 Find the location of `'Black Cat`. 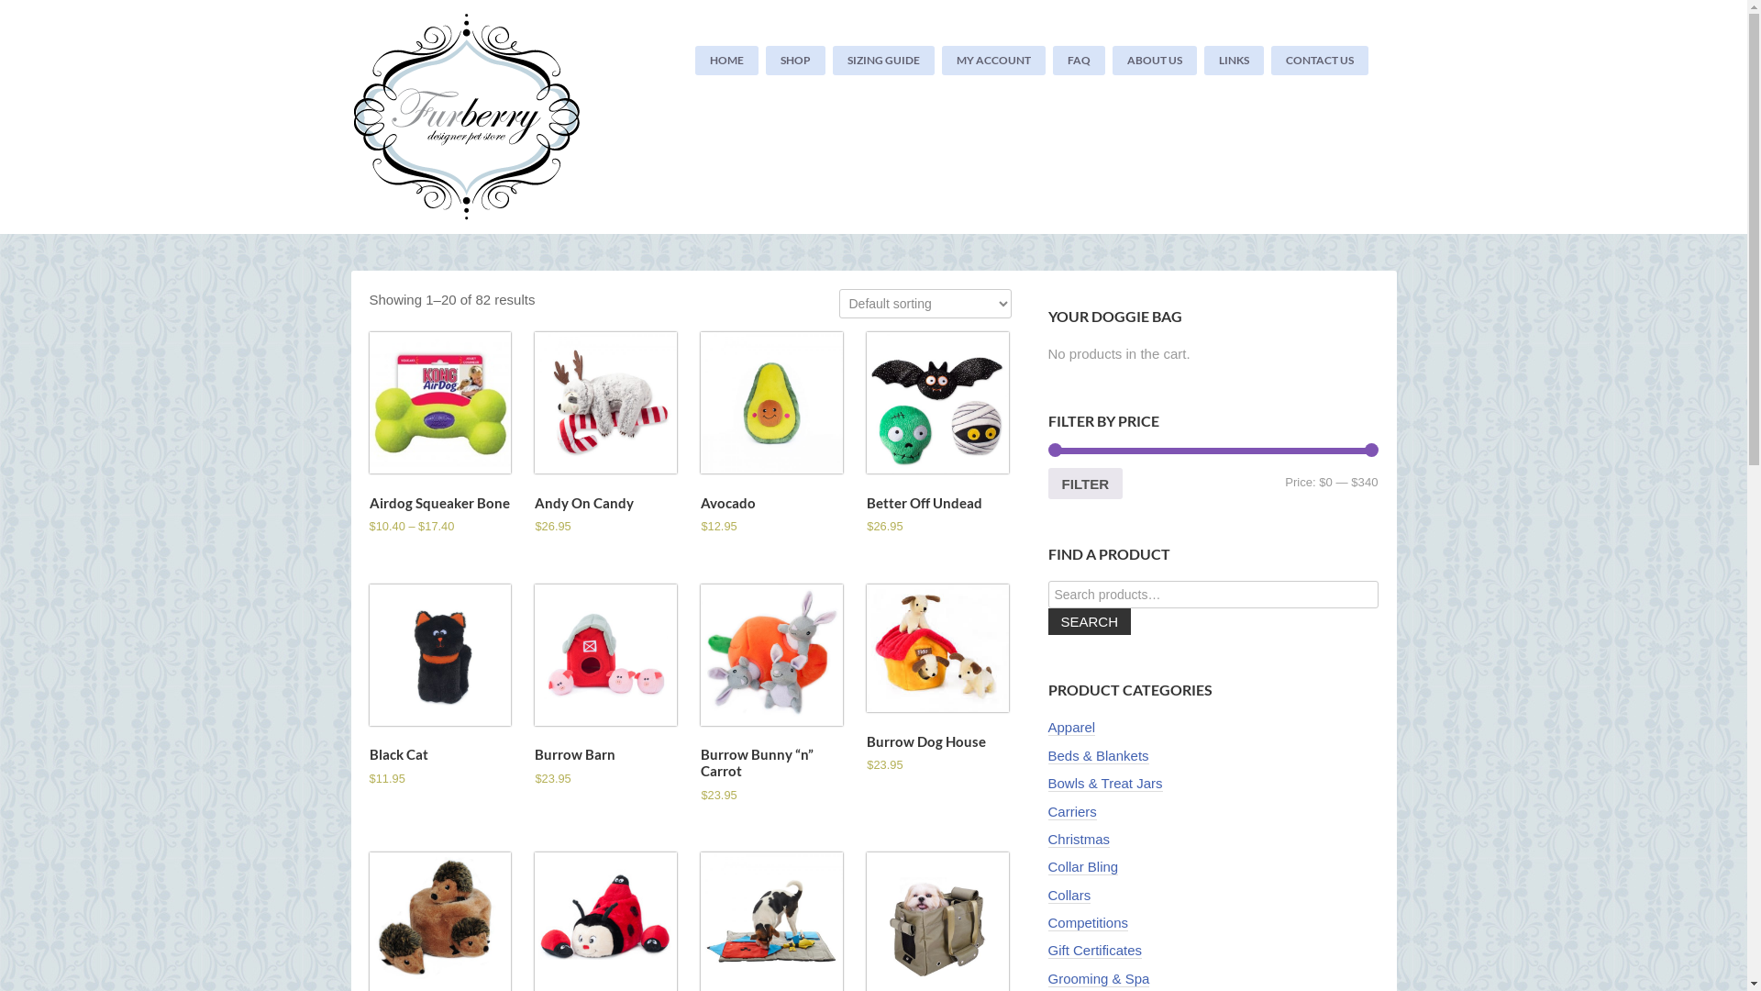

'Black Cat is located at coordinates (368, 686).